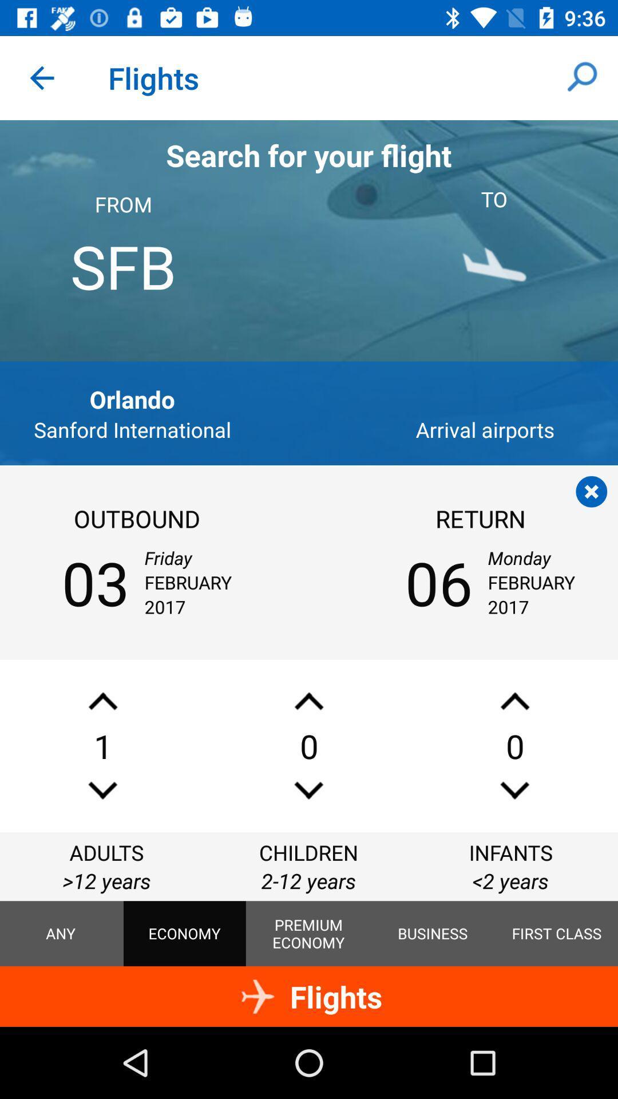 The height and width of the screenshot is (1099, 618). Describe the element at coordinates (514, 701) in the screenshot. I see `decrease number` at that location.